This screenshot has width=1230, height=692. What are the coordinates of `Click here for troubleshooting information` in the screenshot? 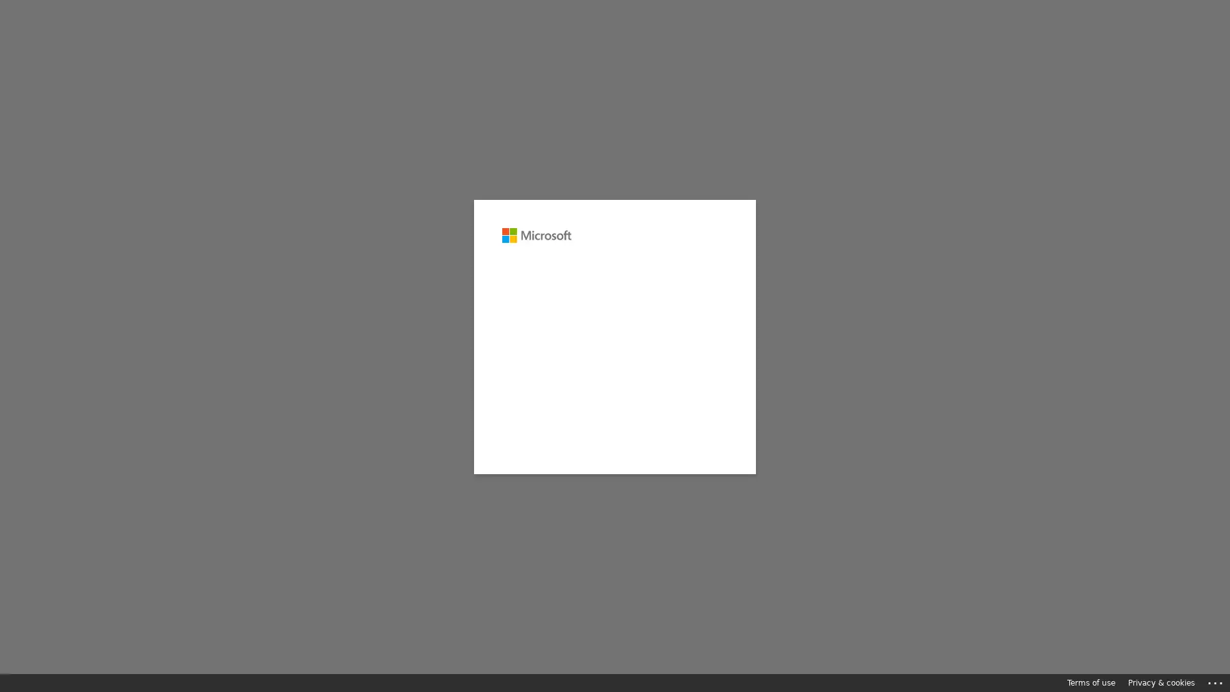 It's located at (1215, 680).